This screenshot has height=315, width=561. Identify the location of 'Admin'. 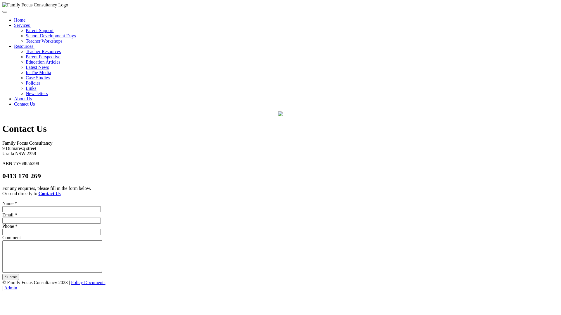
(10, 287).